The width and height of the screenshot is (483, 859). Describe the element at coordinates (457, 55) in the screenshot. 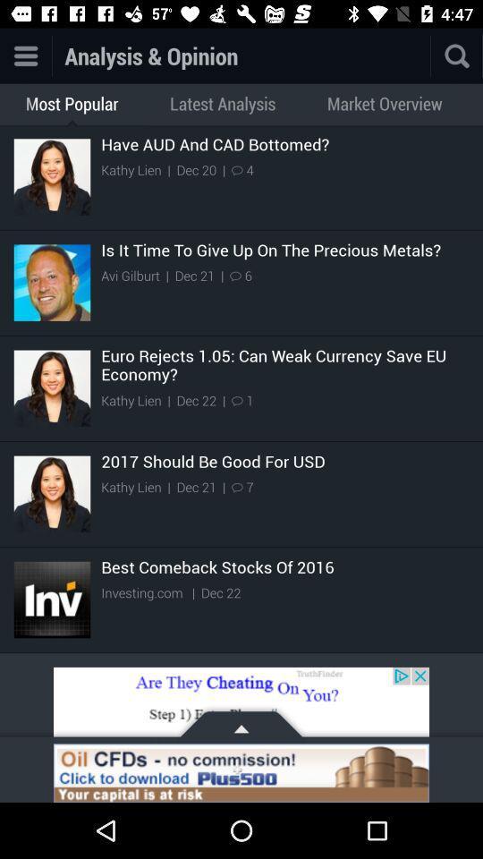

I see `search` at that location.